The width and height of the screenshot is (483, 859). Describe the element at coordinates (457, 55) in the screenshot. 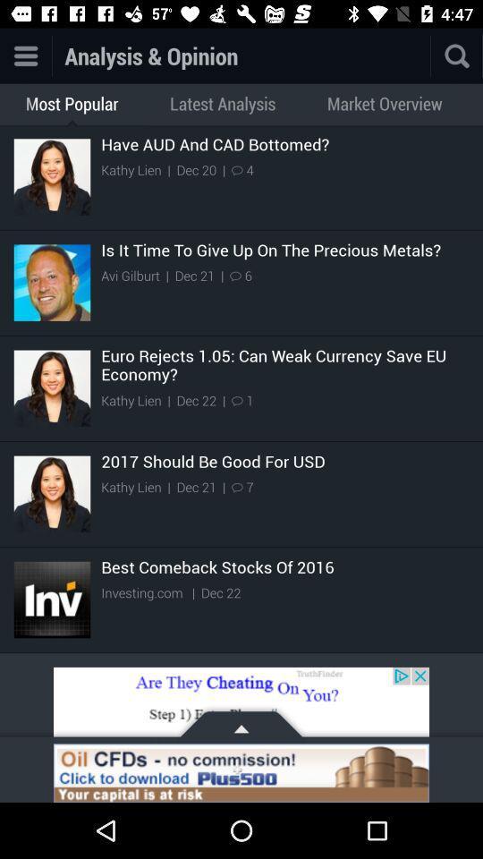

I see `search` at that location.